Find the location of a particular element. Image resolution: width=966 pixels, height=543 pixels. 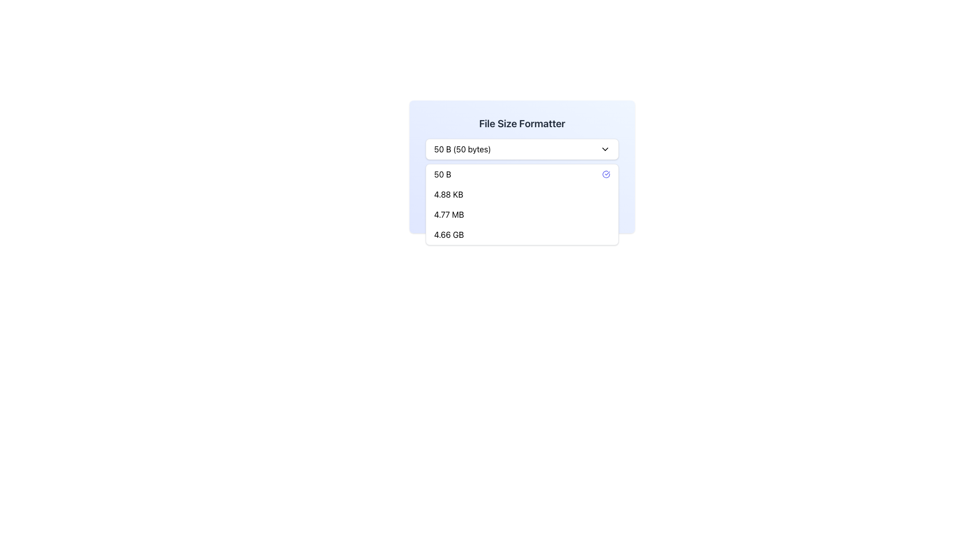

the Dropdown component labeled 'File Size Formatter' is located at coordinates (522, 166).